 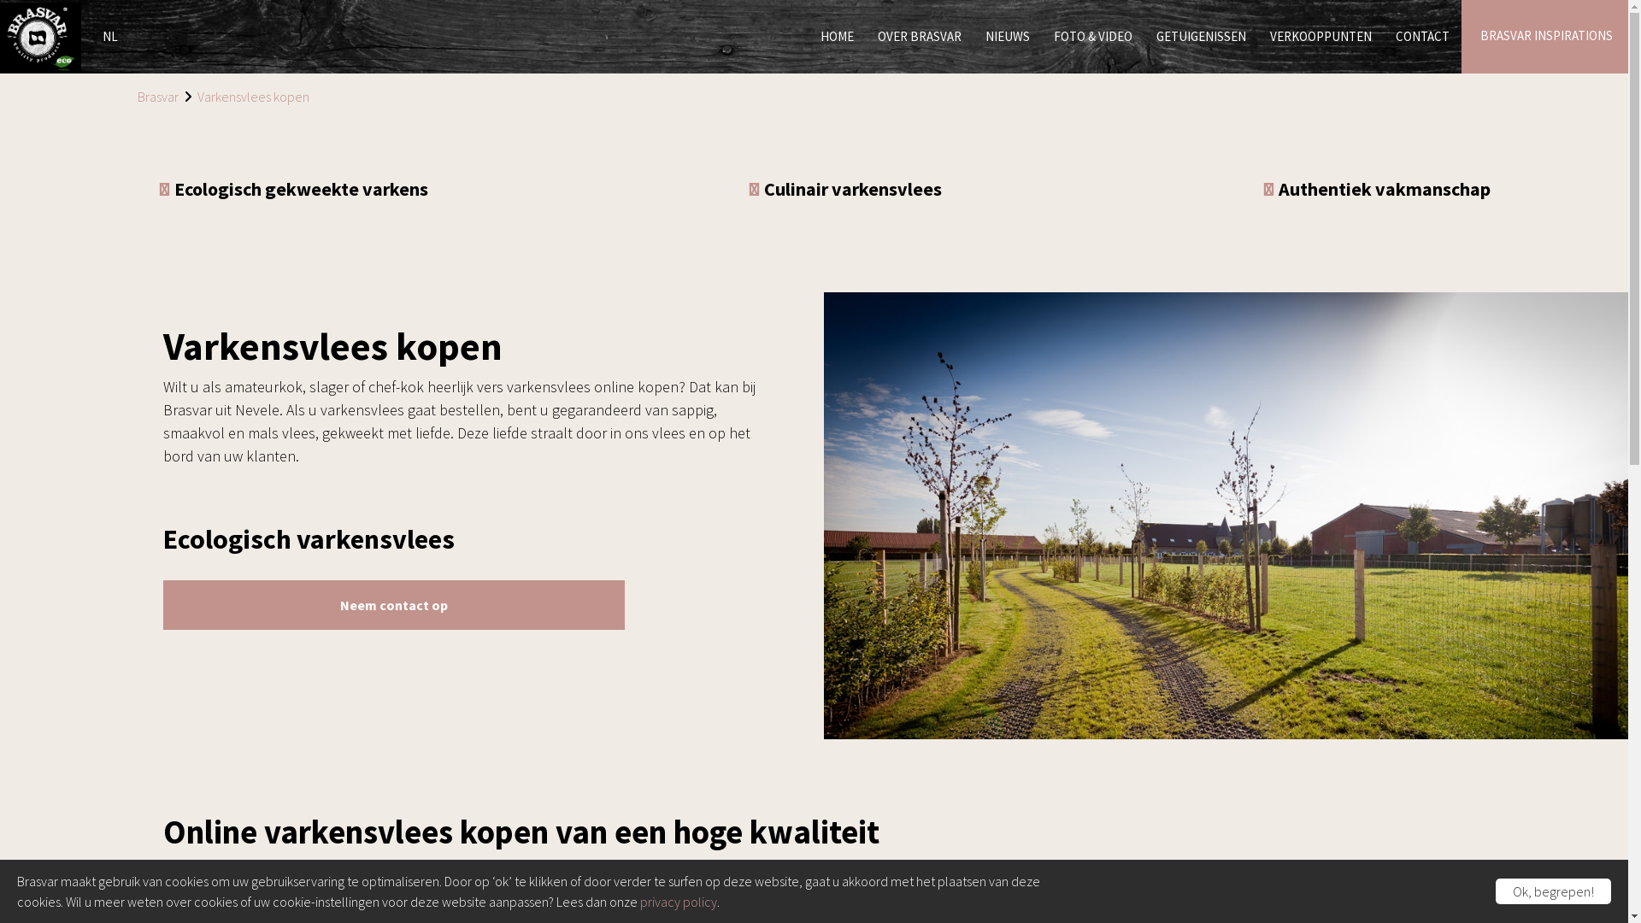 I want to click on 'Belgisch varkensvlees', so click(x=657, y=890).